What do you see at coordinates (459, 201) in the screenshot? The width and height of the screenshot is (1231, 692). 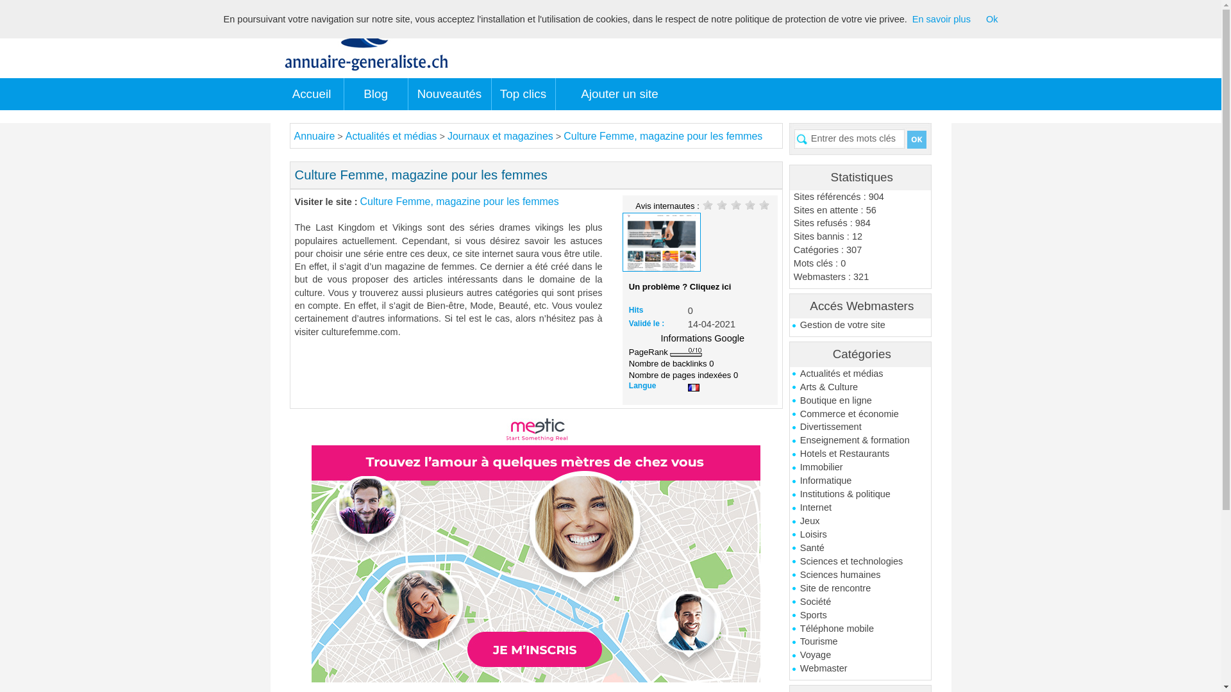 I see `'Culture Femme, magazine pour les femmes'` at bounding box center [459, 201].